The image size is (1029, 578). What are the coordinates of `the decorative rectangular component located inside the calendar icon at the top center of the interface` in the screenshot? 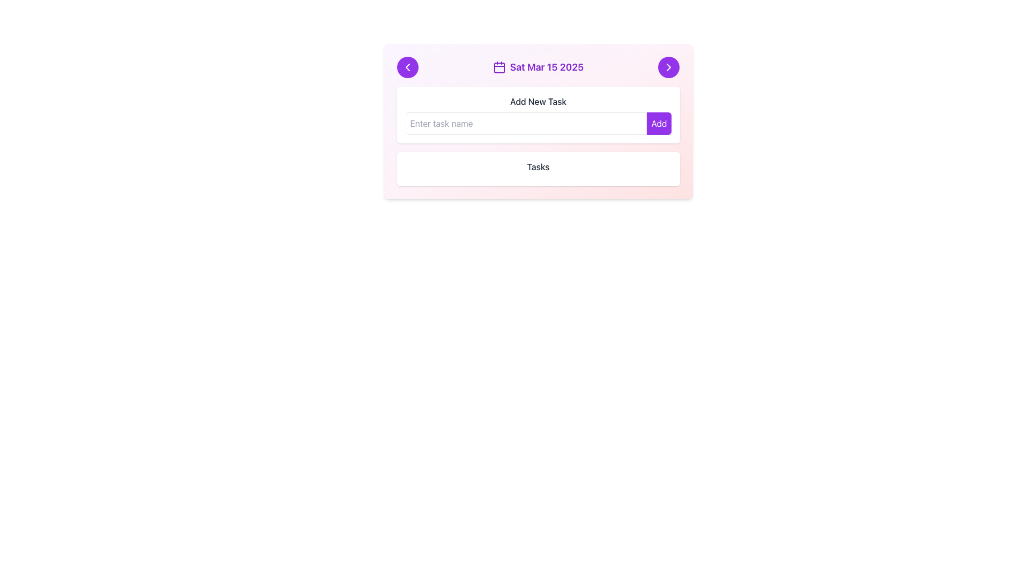 It's located at (498, 68).